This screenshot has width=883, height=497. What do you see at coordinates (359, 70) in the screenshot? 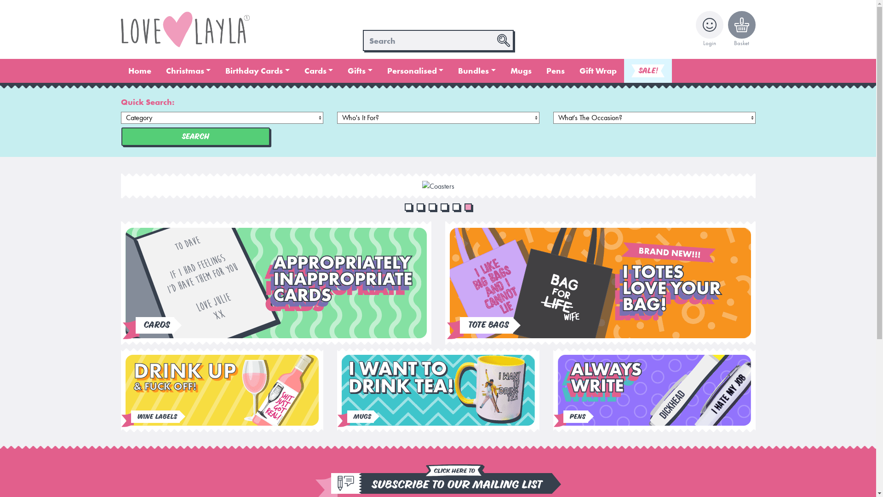
I see `'Gifts'` at bounding box center [359, 70].